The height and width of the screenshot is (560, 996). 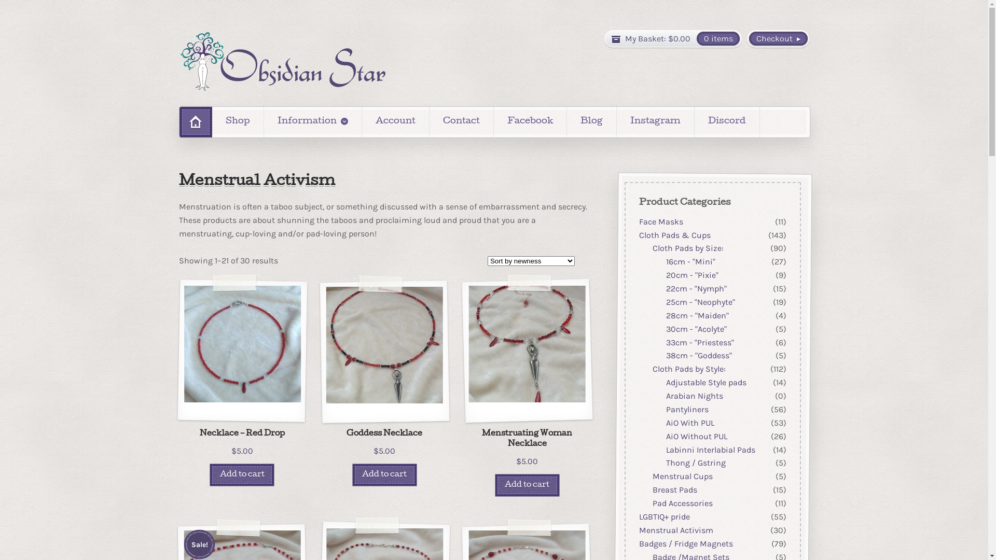 What do you see at coordinates (697, 315) in the screenshot?
I see `'28cm - "Maiden"'` at bounding box center [697, 315].